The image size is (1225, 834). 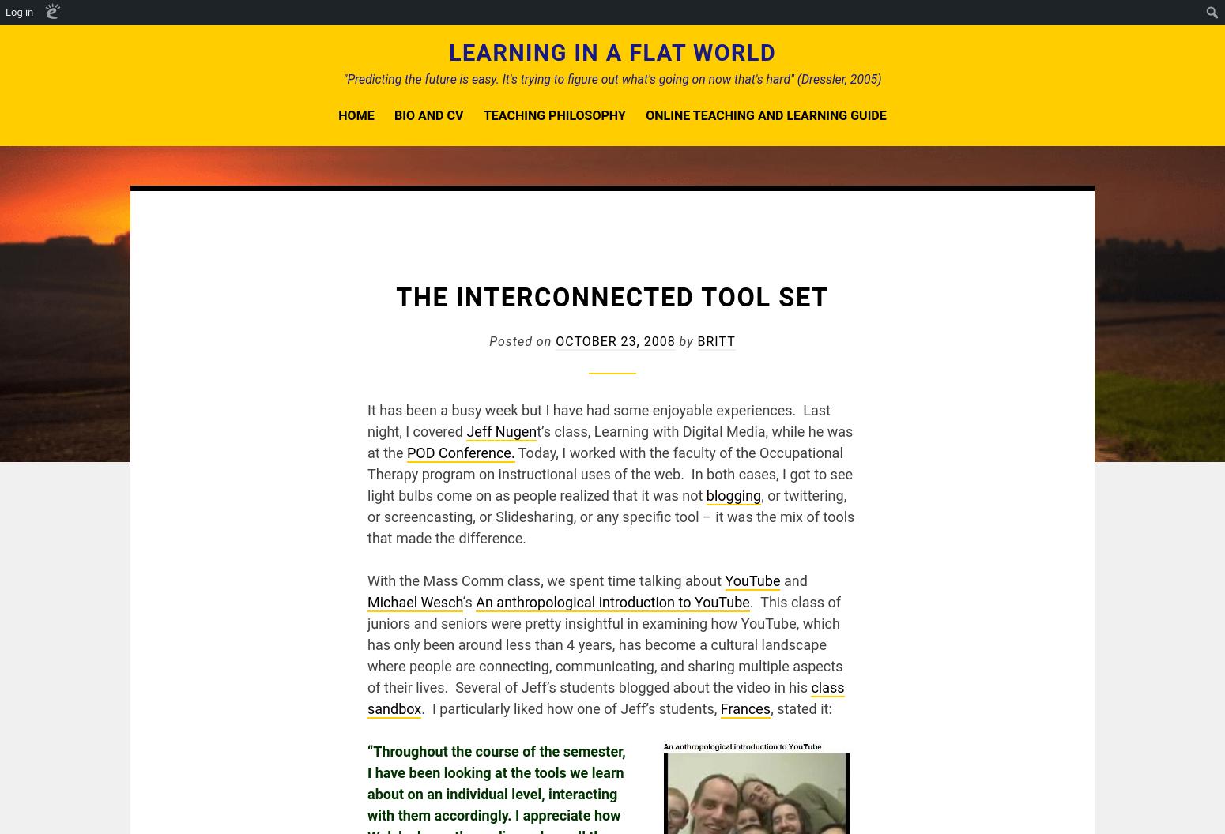 I want to click on ', stated it:', so click(x=769, y=708).